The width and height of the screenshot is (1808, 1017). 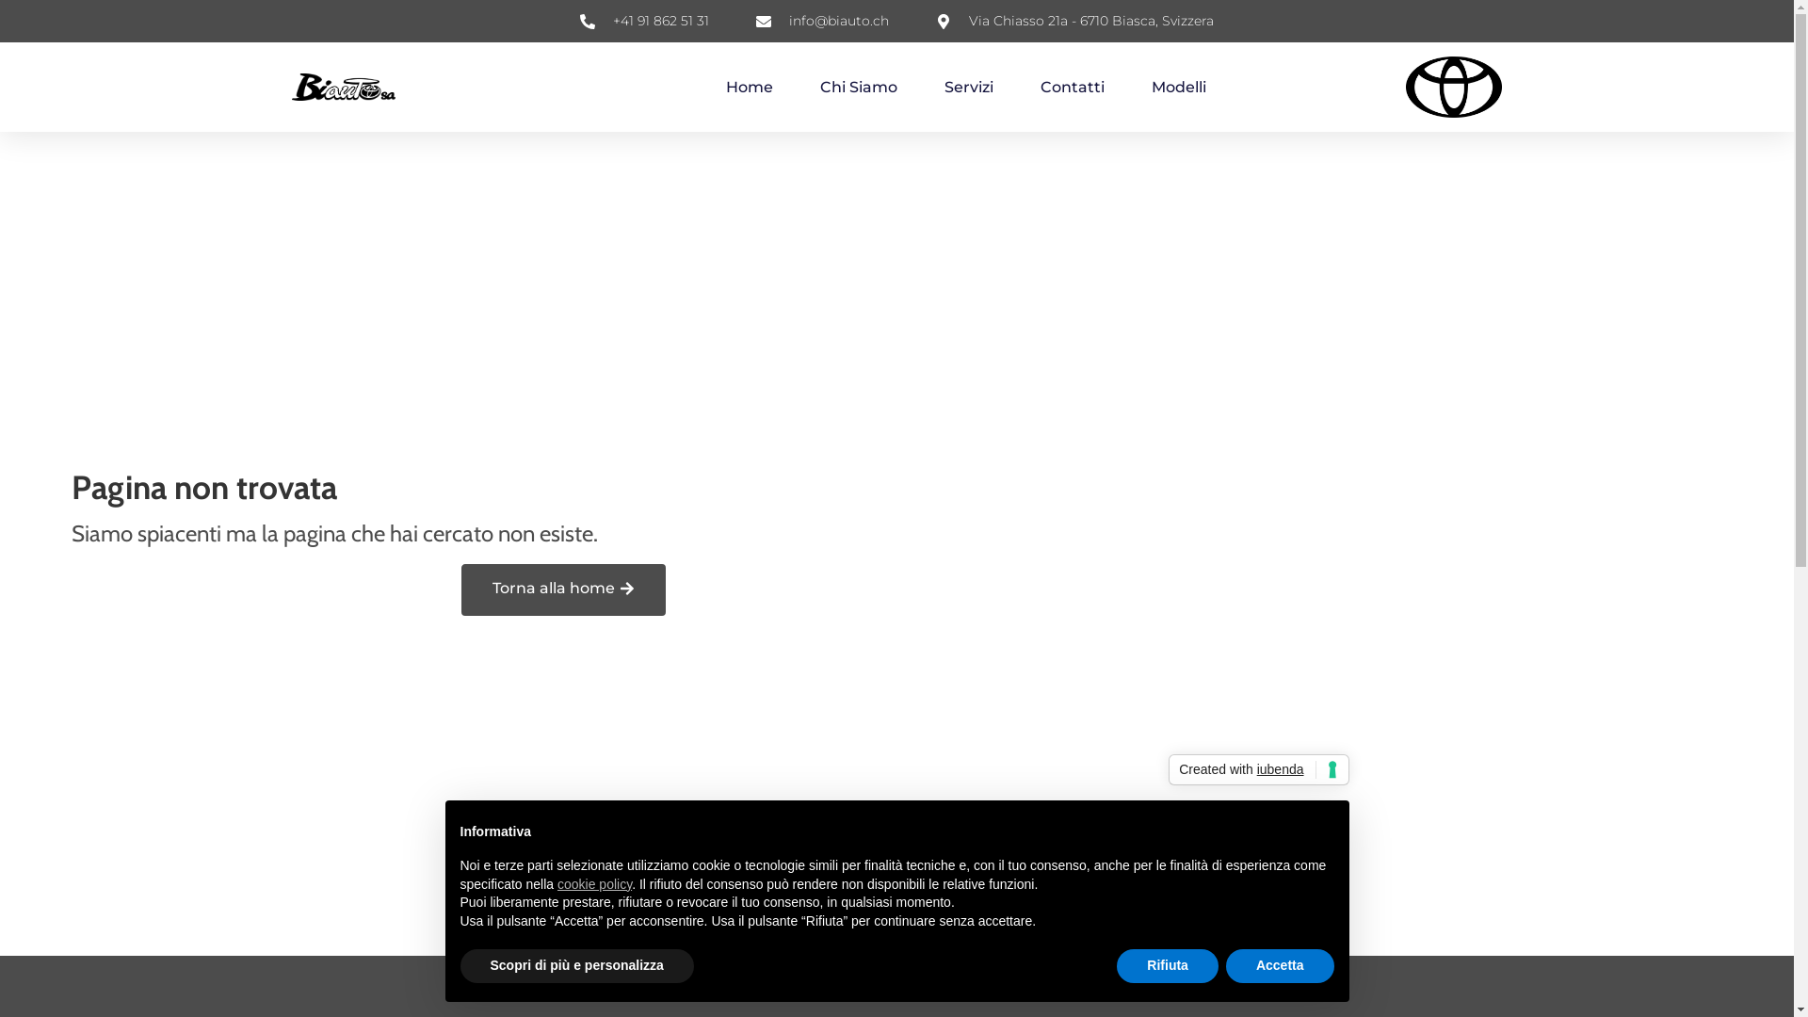 I want to click on 'Torna alla home', so click(x=562, y=589).